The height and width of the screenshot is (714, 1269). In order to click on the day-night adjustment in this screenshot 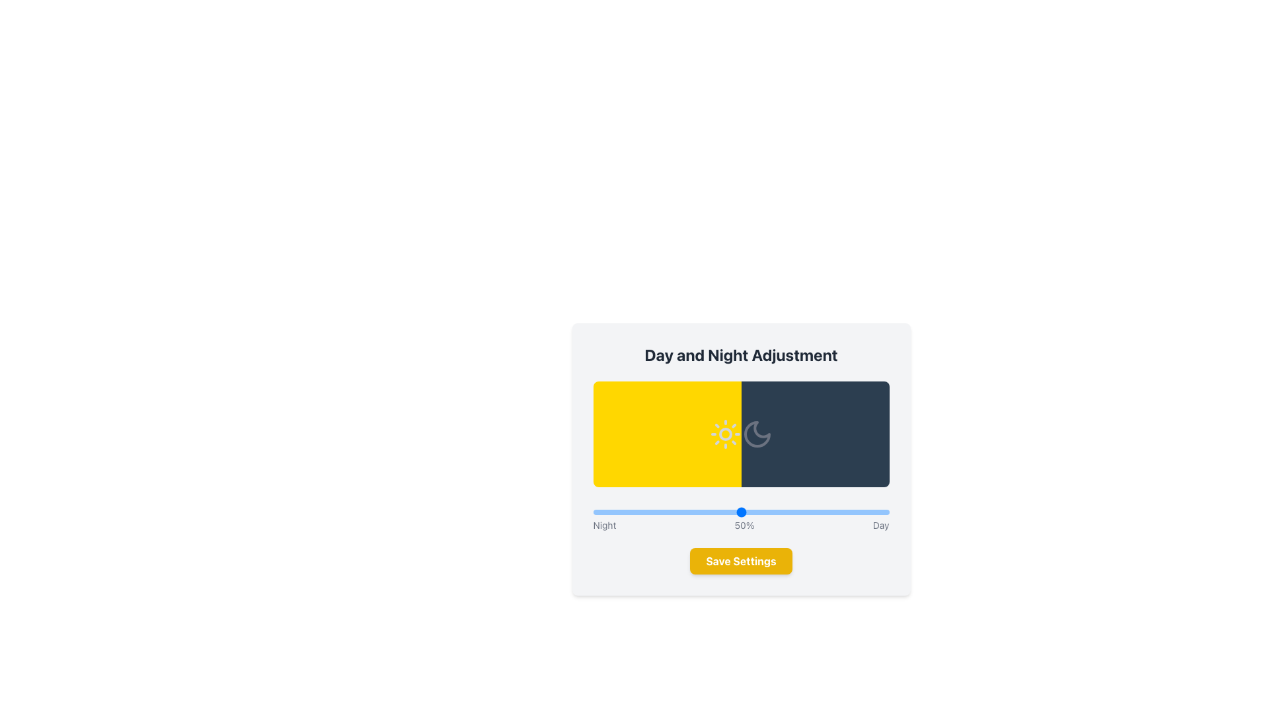, I will do `click(687, 512)`.